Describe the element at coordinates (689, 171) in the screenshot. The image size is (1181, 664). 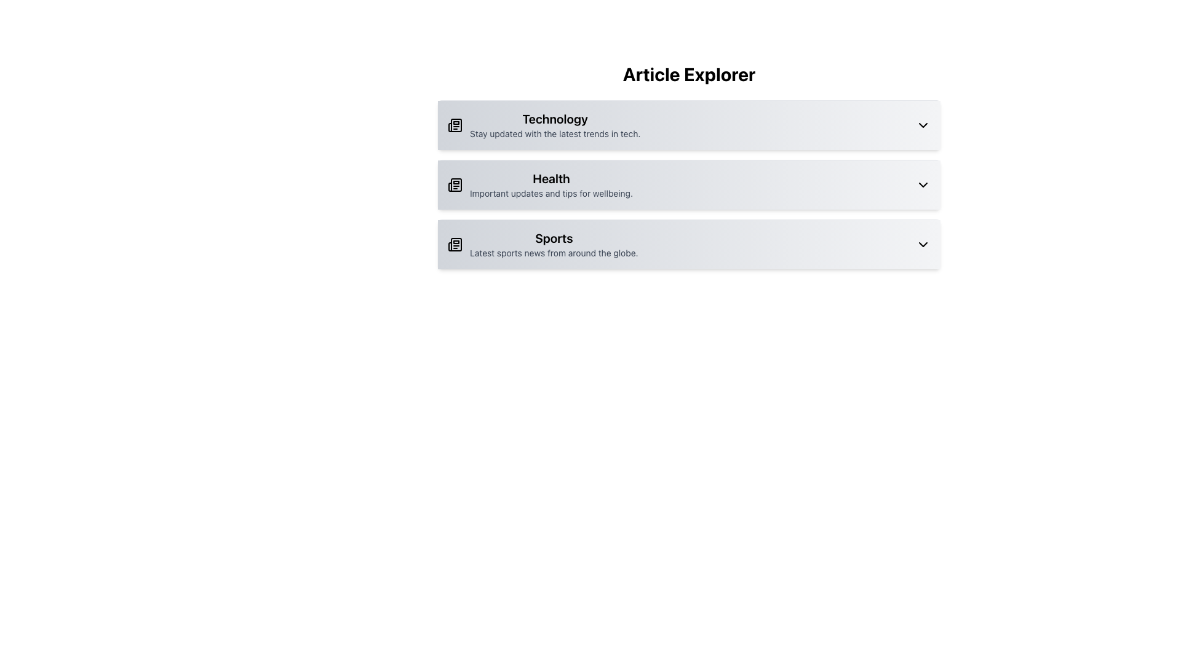
I see `the second entry of the Expandable List Item related to the 'Health' category for accessibility navigation` at that location.